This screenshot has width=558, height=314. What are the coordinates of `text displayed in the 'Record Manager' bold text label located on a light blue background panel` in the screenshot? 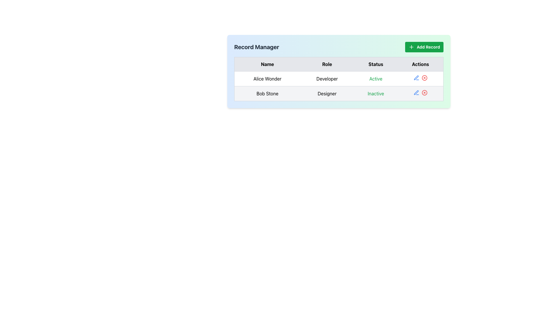 It's located at (256, 47).